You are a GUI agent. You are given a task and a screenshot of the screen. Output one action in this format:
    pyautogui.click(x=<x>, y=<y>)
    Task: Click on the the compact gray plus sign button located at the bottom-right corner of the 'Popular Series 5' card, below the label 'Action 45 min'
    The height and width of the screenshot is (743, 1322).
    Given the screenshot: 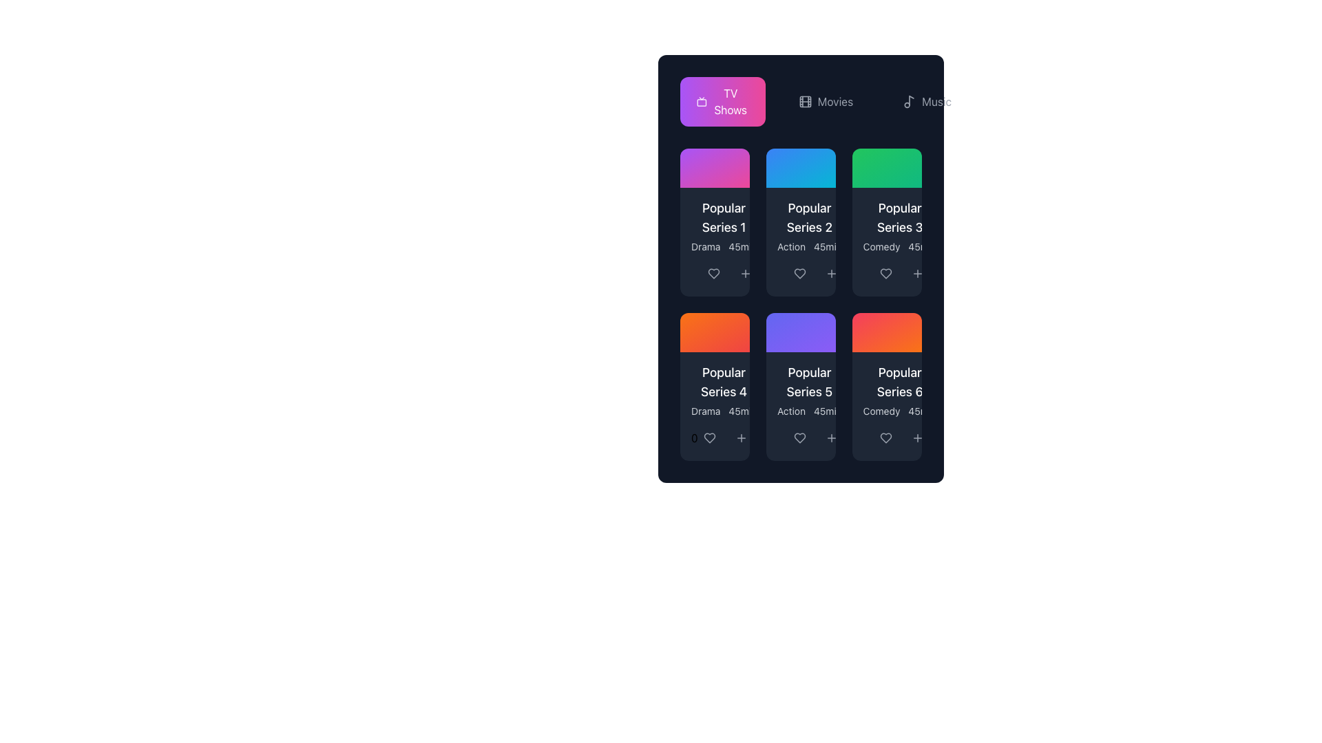 What is the action you would take?
    pyautogui.click(x=831, y=438)
    